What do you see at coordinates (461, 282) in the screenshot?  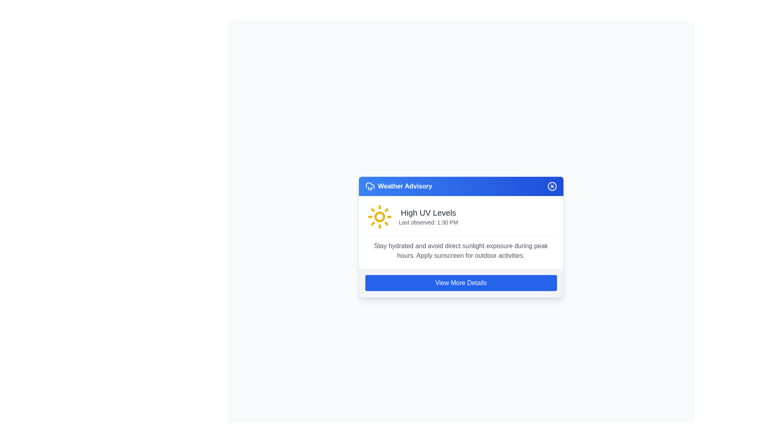 I see `the button located at the bottom of the panel, which navigates to a page with more detailed information related to the current content` at bounding box center [461, 282].